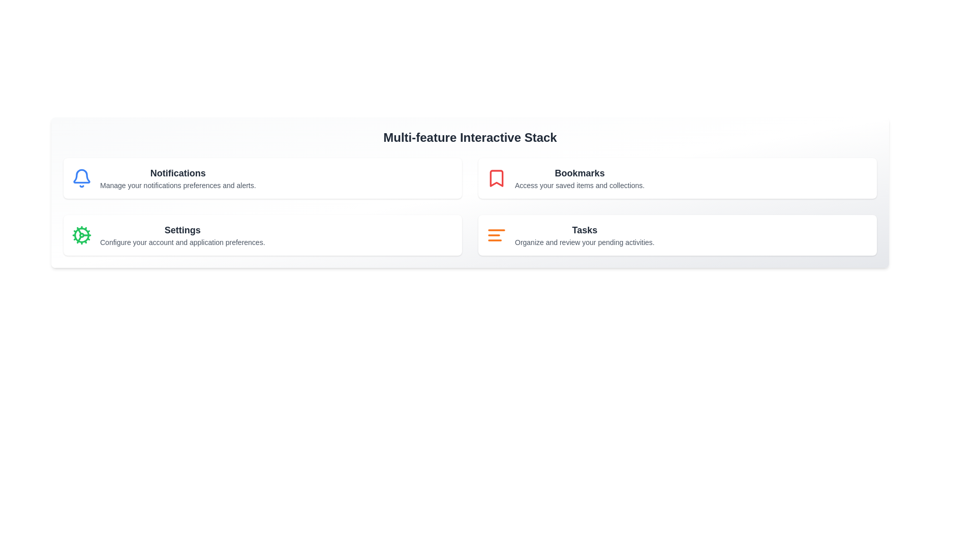 This screenshot has height=549, width=976. What do you see at coordinates (497, 178) in the screenshot?
I see `the 'Bookmarks' icon located in the top-right section of the interface, above the text 'Access your saved items and collections'` at bounding box center [497, 178].